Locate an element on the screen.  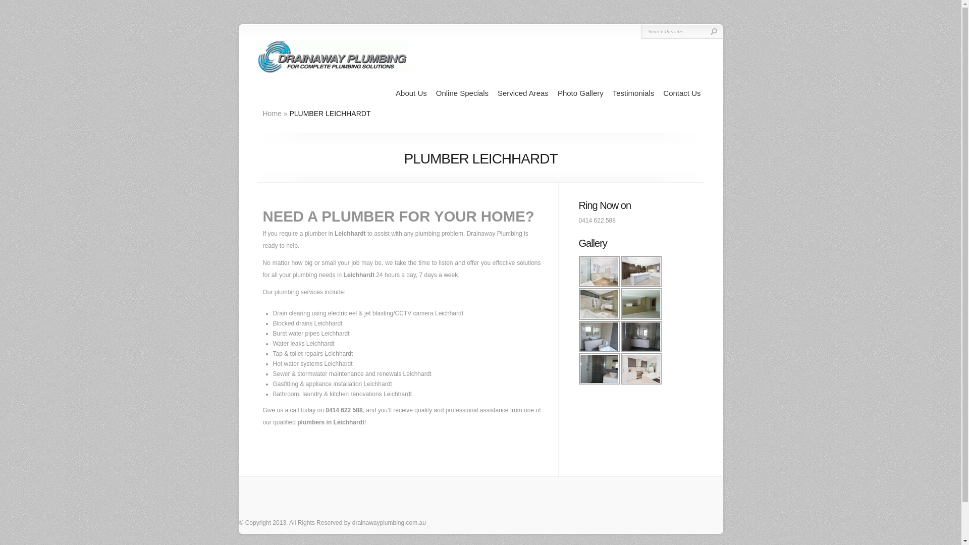
'p1000449' is located at coordinates (640, 337).